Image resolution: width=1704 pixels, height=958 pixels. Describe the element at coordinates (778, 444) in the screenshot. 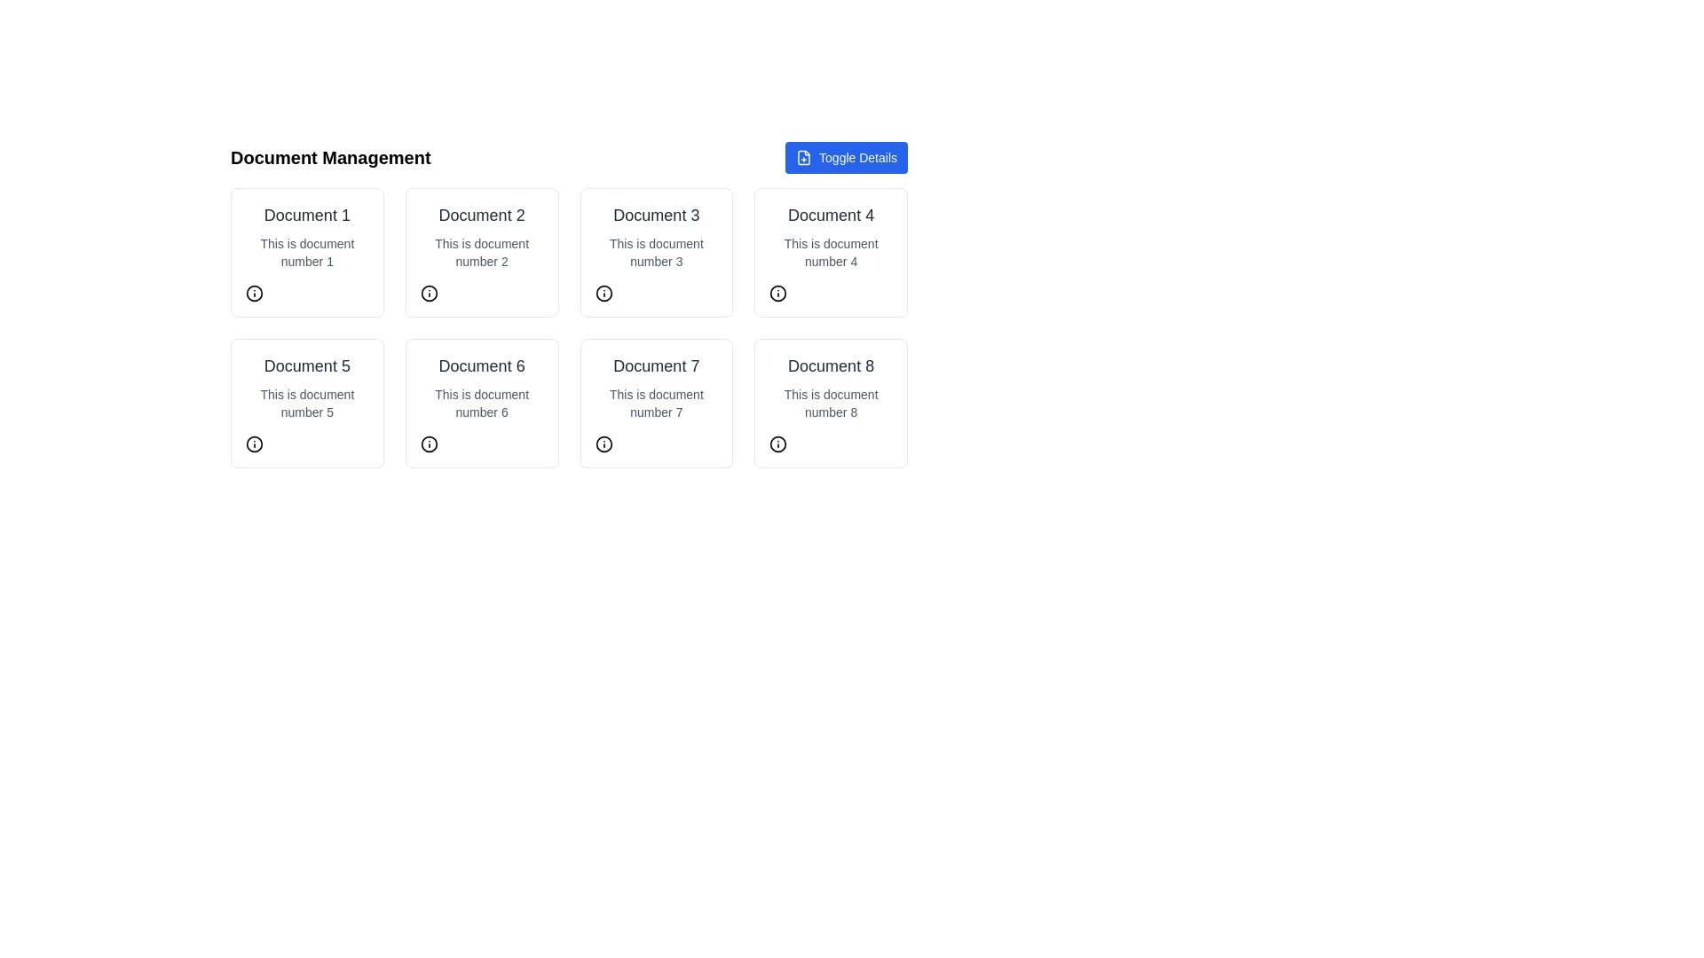

I see `the SVG Circle that represents the information icon located at the bottom-right corner of the 'Document 8' panel in the Document Management dashboard` at that location.